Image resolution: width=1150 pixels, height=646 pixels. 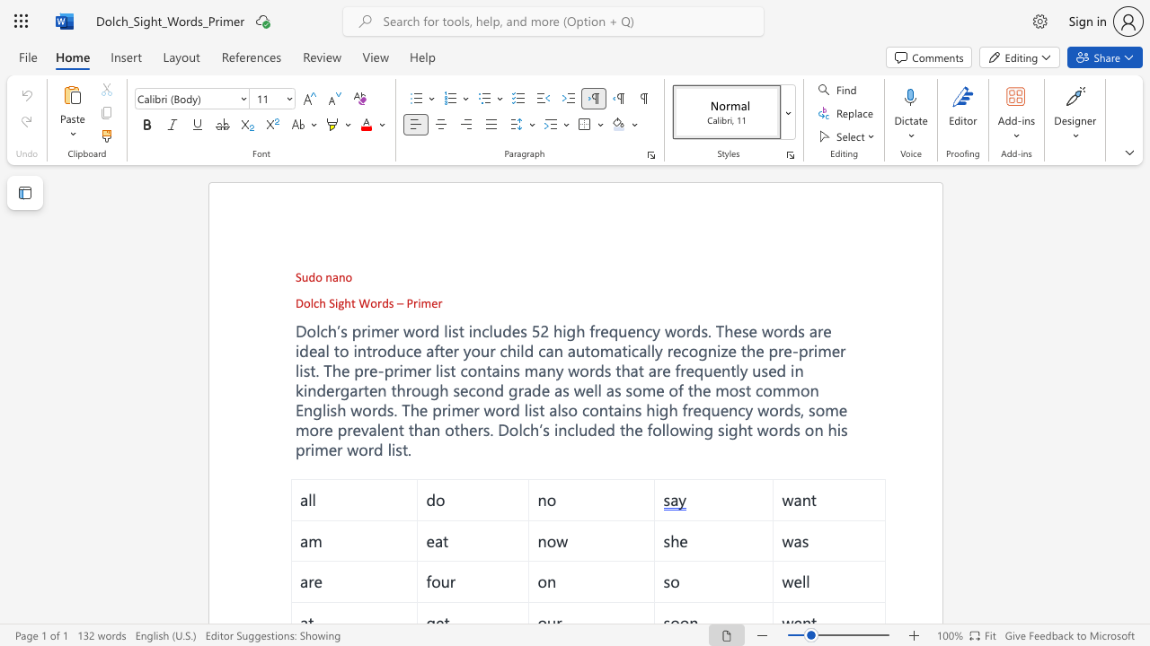 What do you see at coordinates (395, 301) in the screenshot?
I see `the subset text "– Prime" within the text "Dolch Sight Words – Primer"` at bounding box center [395, 301].